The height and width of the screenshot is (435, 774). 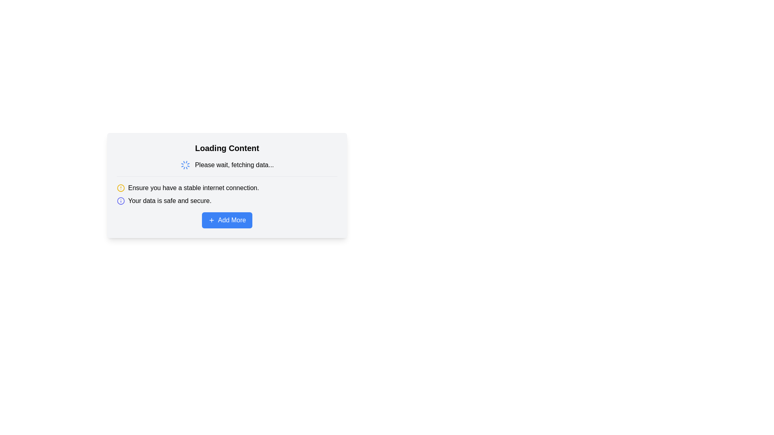 What do you see at coordinates (120, 188) in the screenshot?
I see `the warning icon located to the left of the text 'Ensure you have a stable internet connection.' in the message block below the 'Loading Content' header` at bounding box center [120, 188].